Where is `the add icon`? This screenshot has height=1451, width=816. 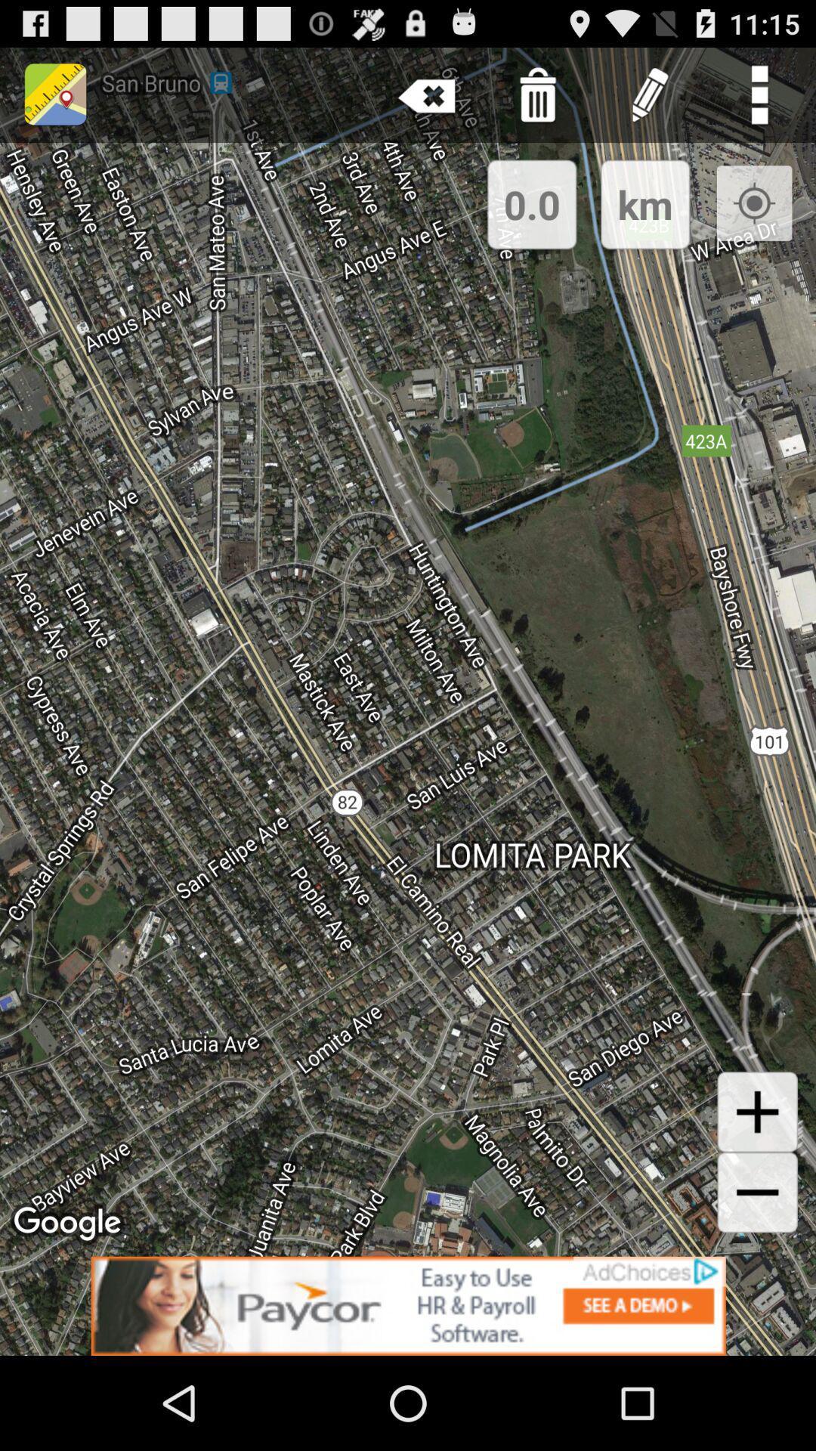 the add icon is located at coordinates (757, 1189).